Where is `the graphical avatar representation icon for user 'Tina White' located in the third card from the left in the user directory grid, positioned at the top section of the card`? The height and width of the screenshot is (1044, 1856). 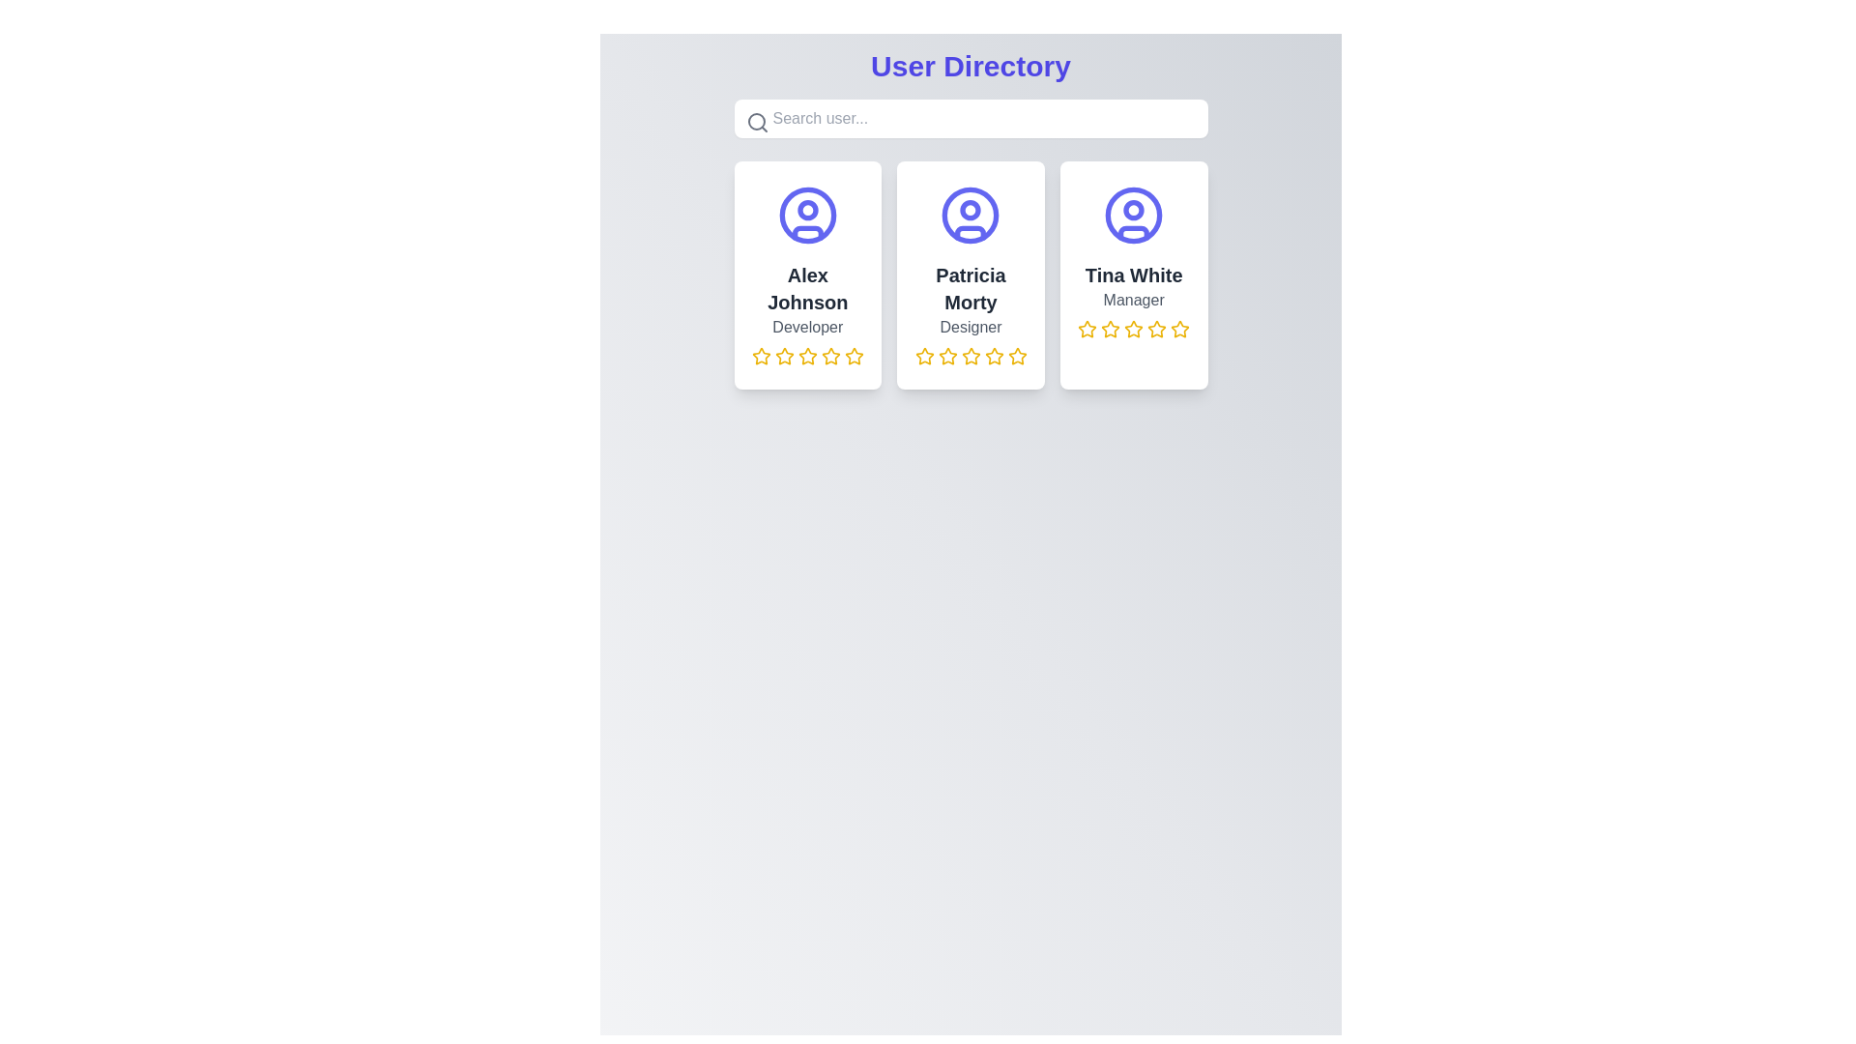 the graphical avatar representation icon for user 'Tina White' located in the third card from the left in the user directory grid, positioned at the top section of the card is located at coordinates (1134, 216).